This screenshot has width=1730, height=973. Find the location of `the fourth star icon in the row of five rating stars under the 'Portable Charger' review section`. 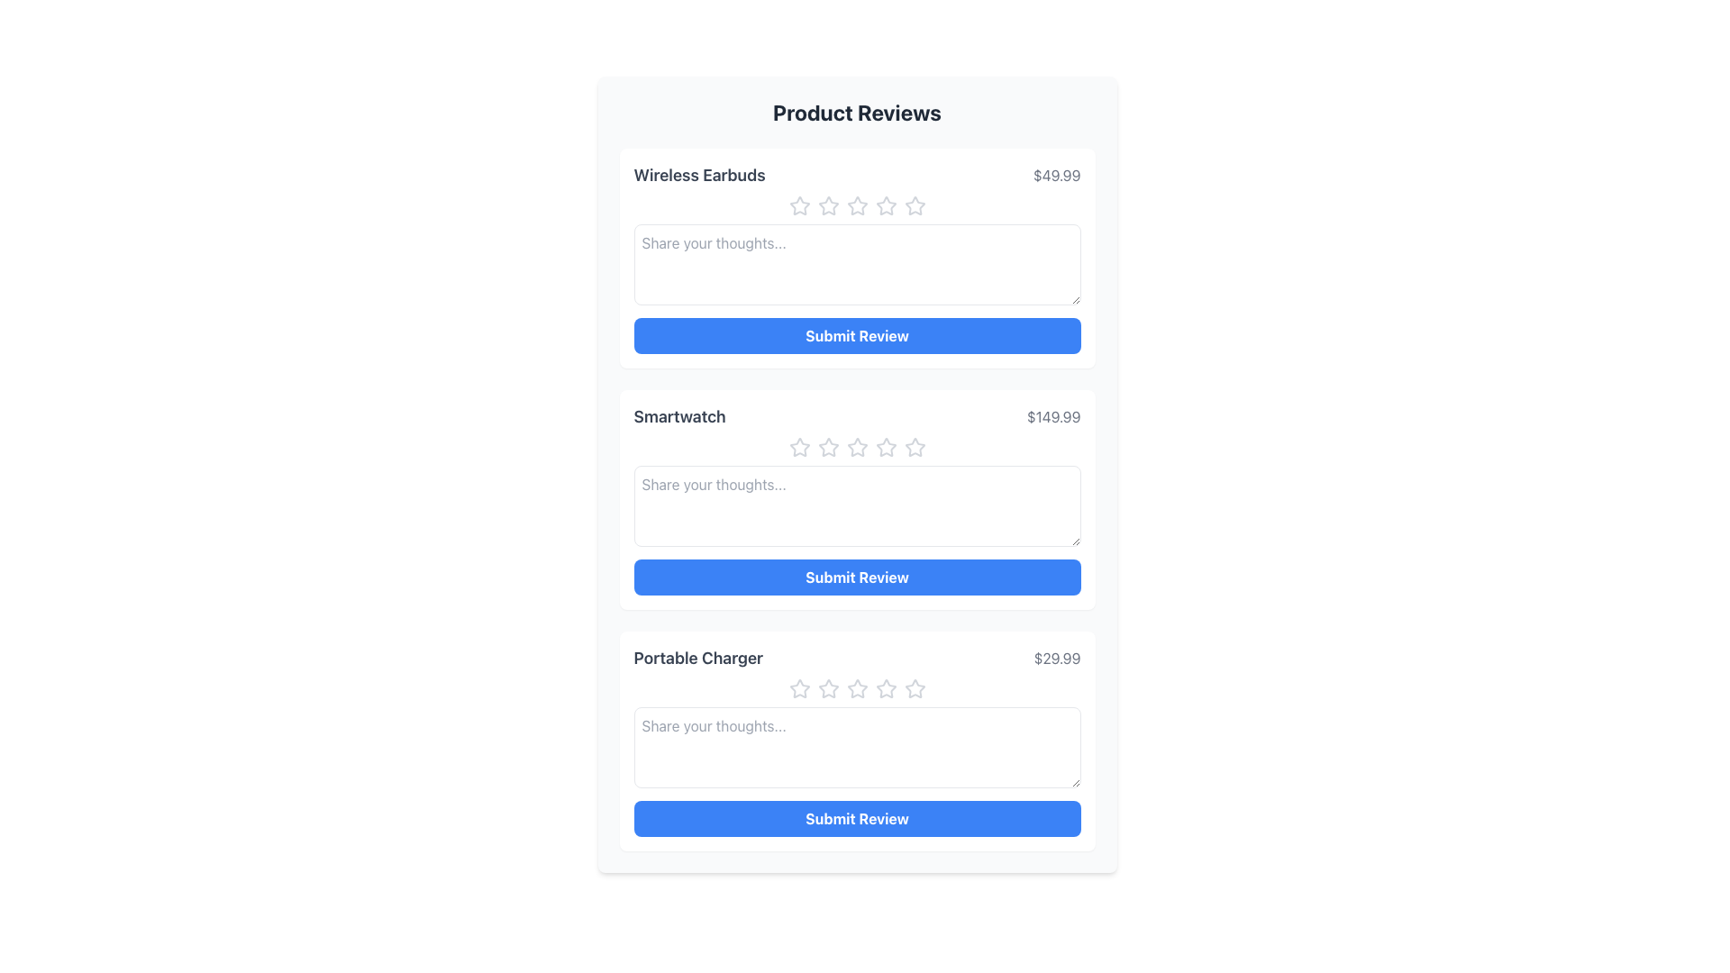

the fourth star icon in the row of five rating stars under the 'Portable Charger' review section is located at coordinates (856, 688).